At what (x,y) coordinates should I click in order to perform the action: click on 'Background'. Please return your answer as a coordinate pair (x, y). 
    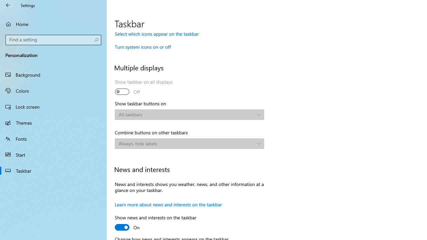
    Looking at the image, I should click on (53, 74).